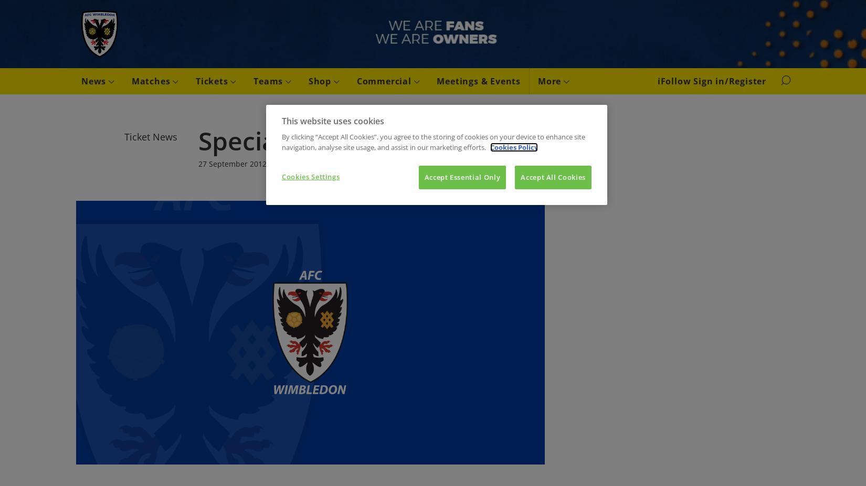  I want to click on 'Ticket News', so click(151, 137).